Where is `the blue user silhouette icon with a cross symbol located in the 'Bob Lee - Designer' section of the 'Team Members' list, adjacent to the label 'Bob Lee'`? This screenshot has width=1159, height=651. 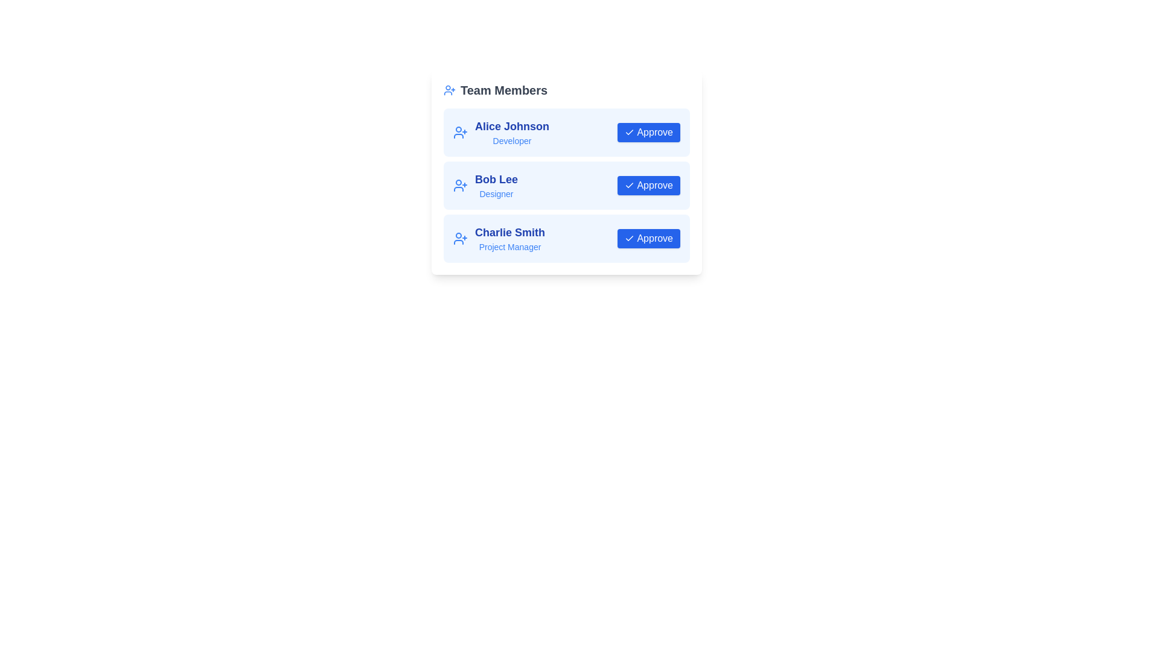 the blue user silhouette icon with a cross symbol located in the 'Bob Lee - Designer' section of the 'Team Members' list, adjacent to the label 'Bob Lee' is located at coordinates (460, 186).